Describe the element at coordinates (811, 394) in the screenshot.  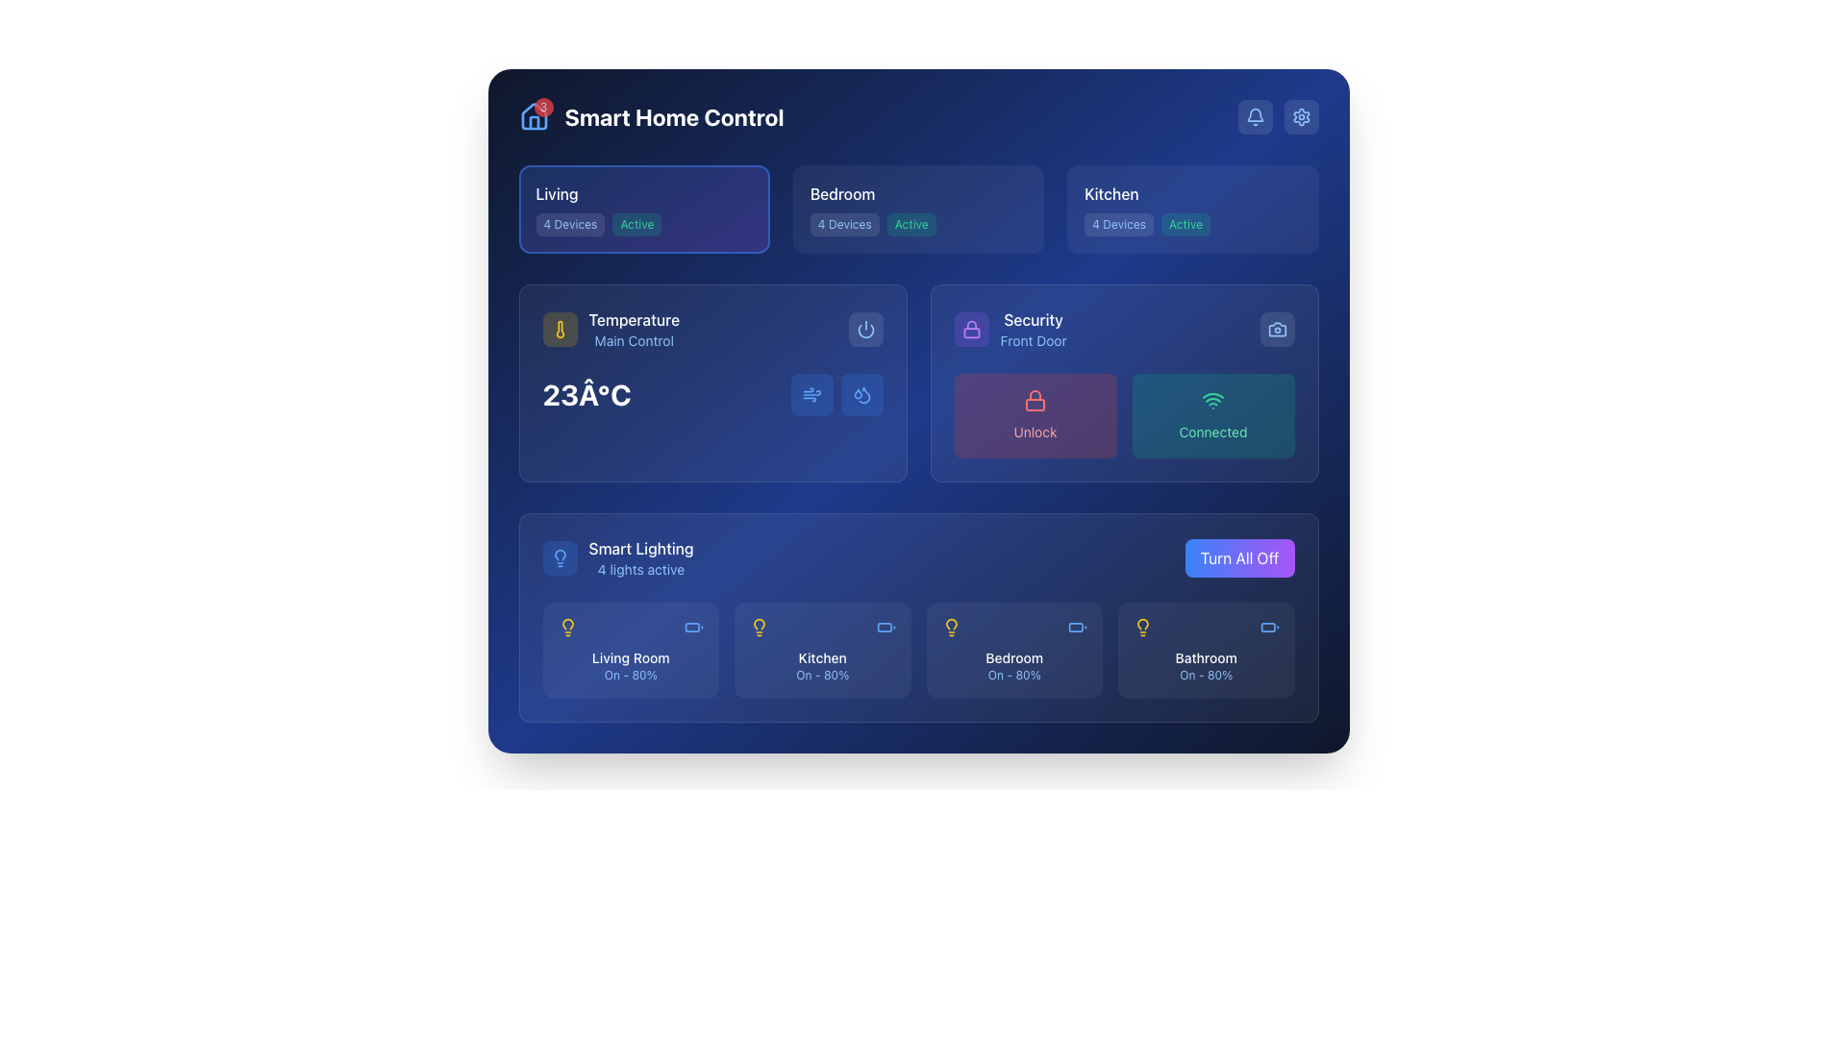
I see `the wind-related settings button located on the left side of the second control button under the temperature display` at that location.